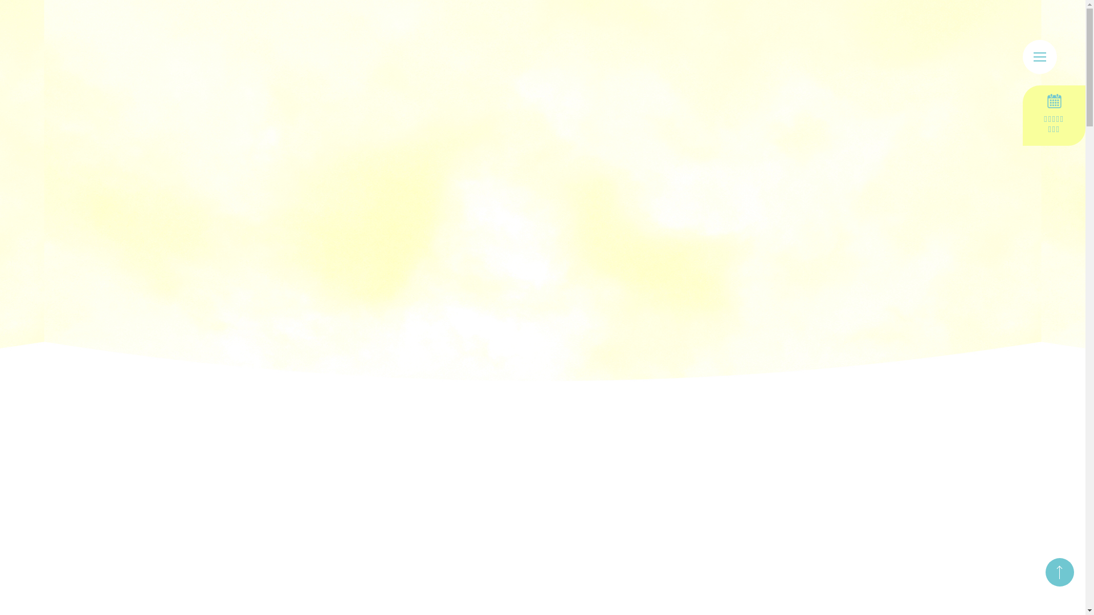  I want to click on 'menu', so click(1039, 57).